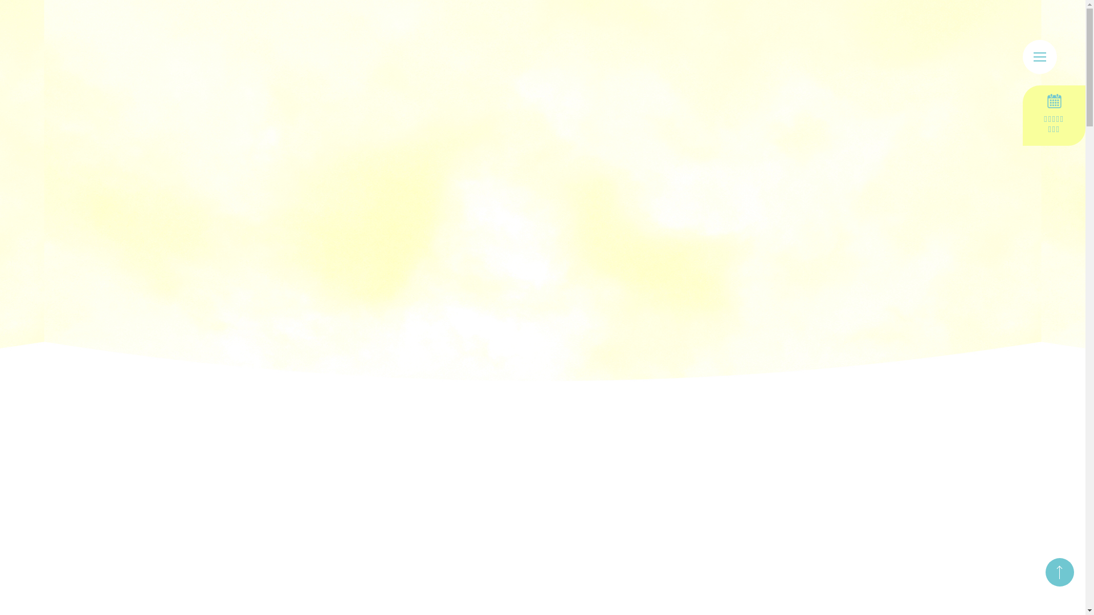  I want to click on 'menu', so click(1039, 57).